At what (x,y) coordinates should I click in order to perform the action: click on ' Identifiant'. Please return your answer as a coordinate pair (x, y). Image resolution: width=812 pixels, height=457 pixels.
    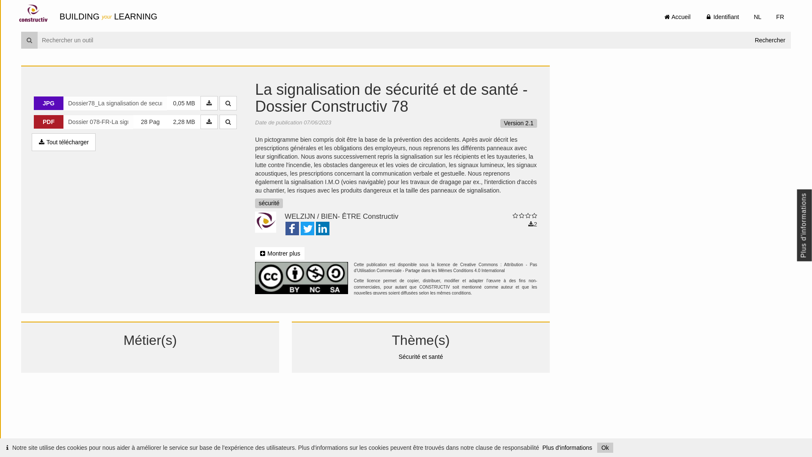
    Looking at the image, I should click on (722, 17).